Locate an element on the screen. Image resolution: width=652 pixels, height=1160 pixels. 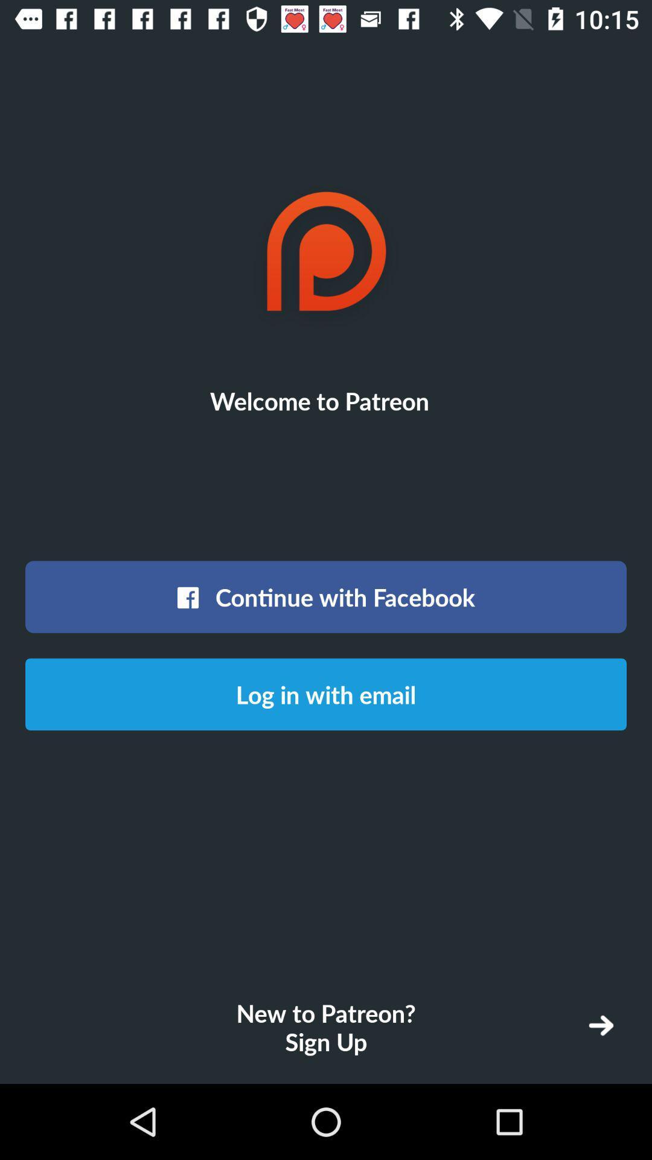
the arrow_forward icon is located at coordinates (601, 1025).